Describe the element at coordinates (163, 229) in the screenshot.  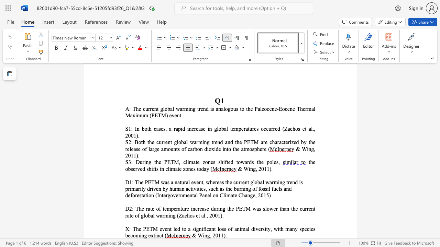
I see `the 1th character "v" in the text` at that location.